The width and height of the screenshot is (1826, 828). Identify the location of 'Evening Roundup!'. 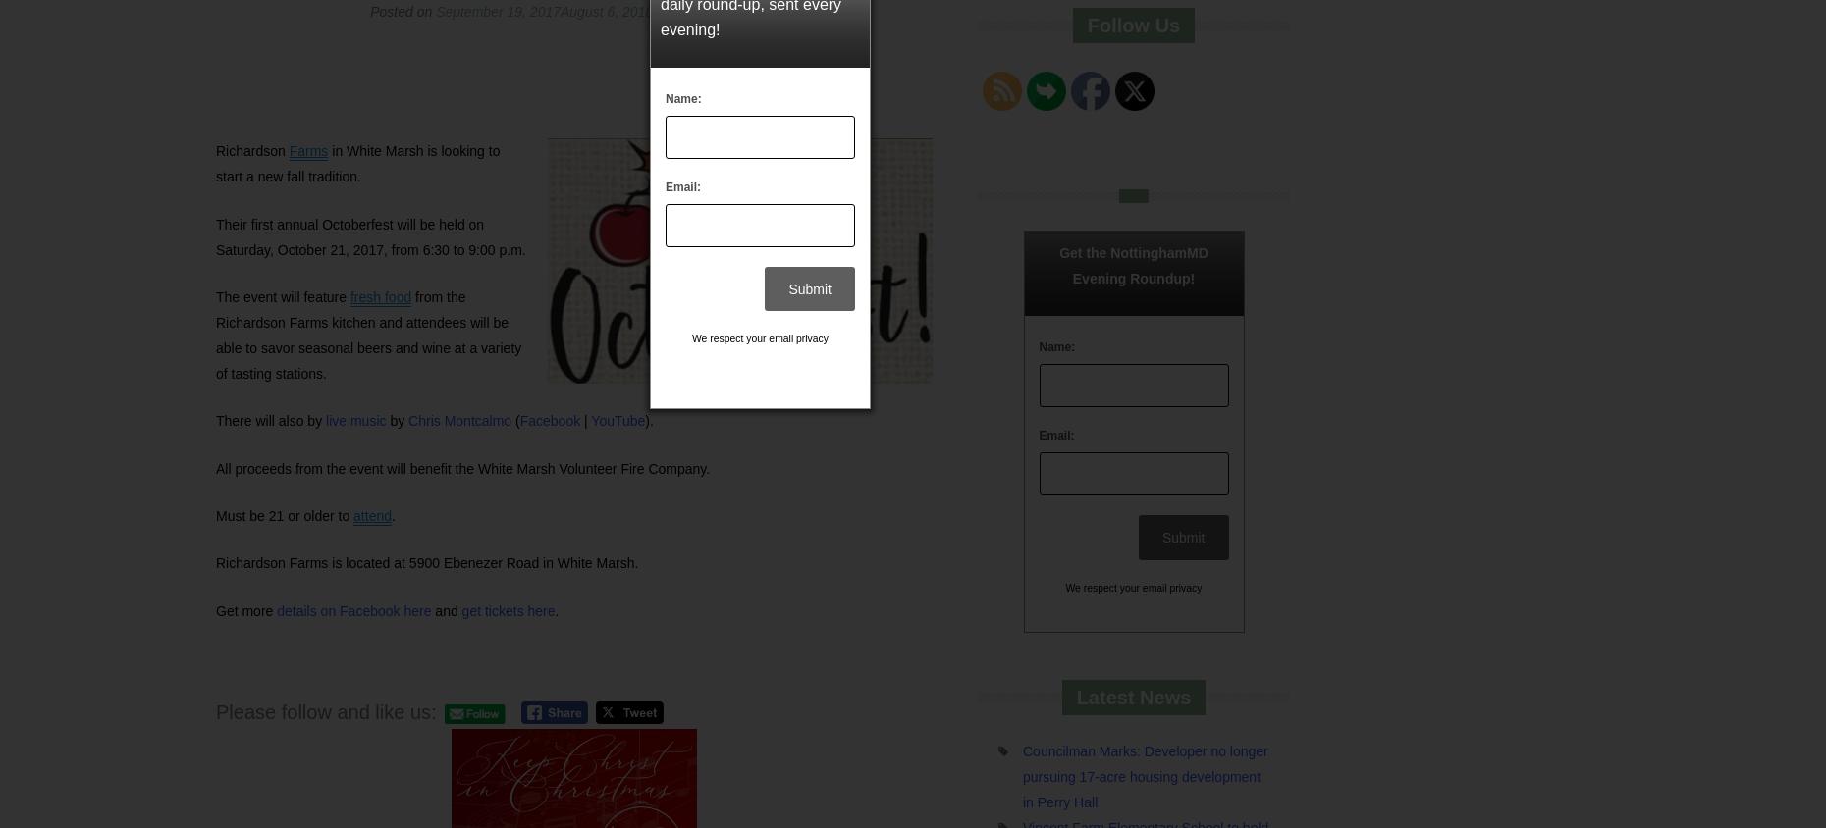
(1132, 278).